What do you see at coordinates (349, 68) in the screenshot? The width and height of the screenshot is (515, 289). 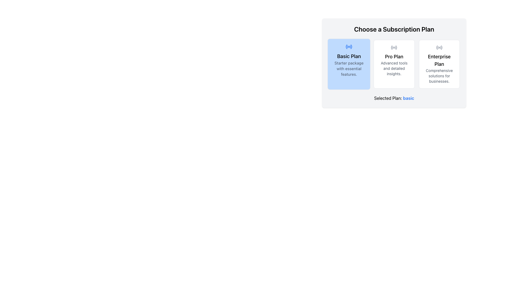 I see `descriptive text label providing additional information about the 'Basic Plan' subscription, located below the title text 'Basic Plan' in the first card of the subscription selection interface` at bounding box center [349, 68].